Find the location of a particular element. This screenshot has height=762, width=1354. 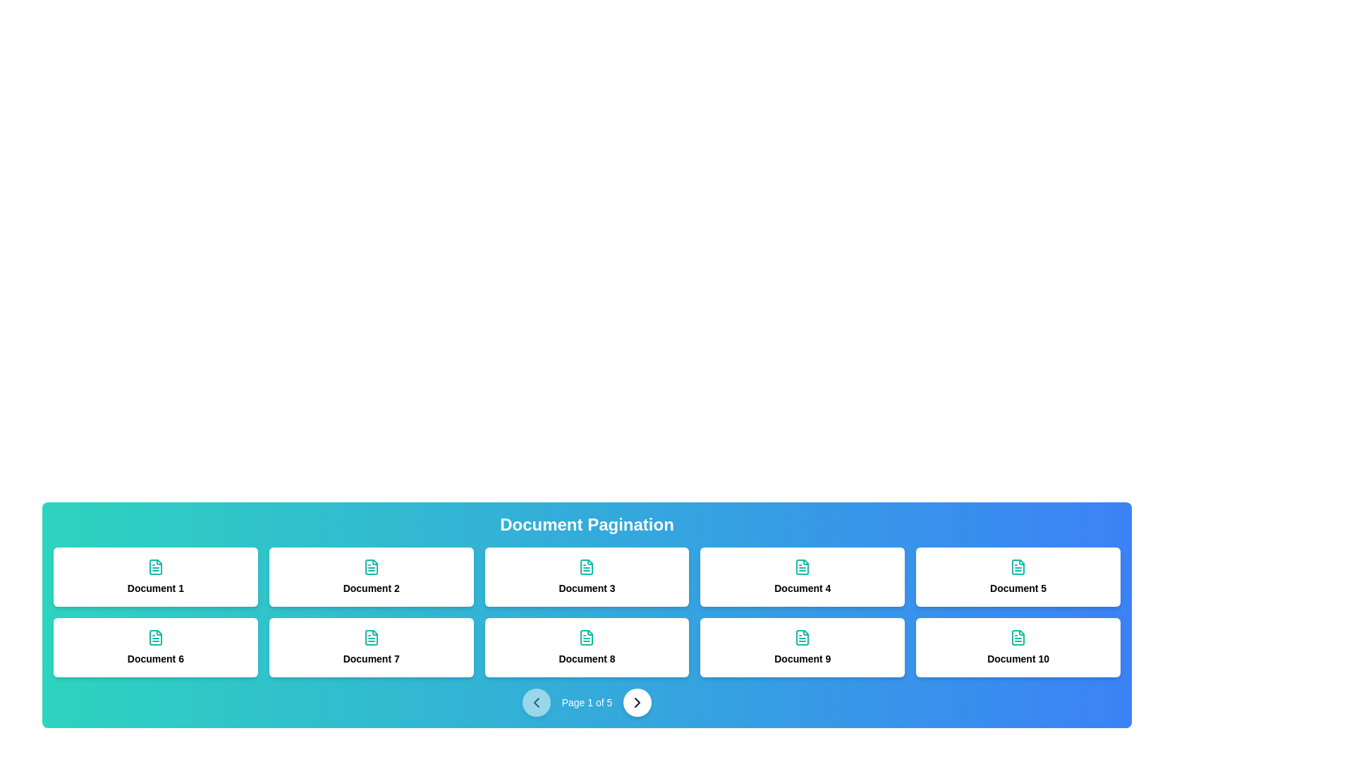

the stylized document sheet icon that represents 'Document 1' in the first grid section of documents is located at coordinates (155, 566).